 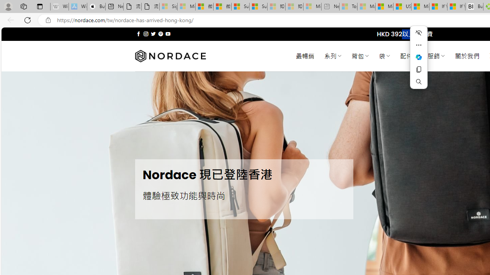 I want to click on 'Follow on Pinterest', so click(x=160, y=34).